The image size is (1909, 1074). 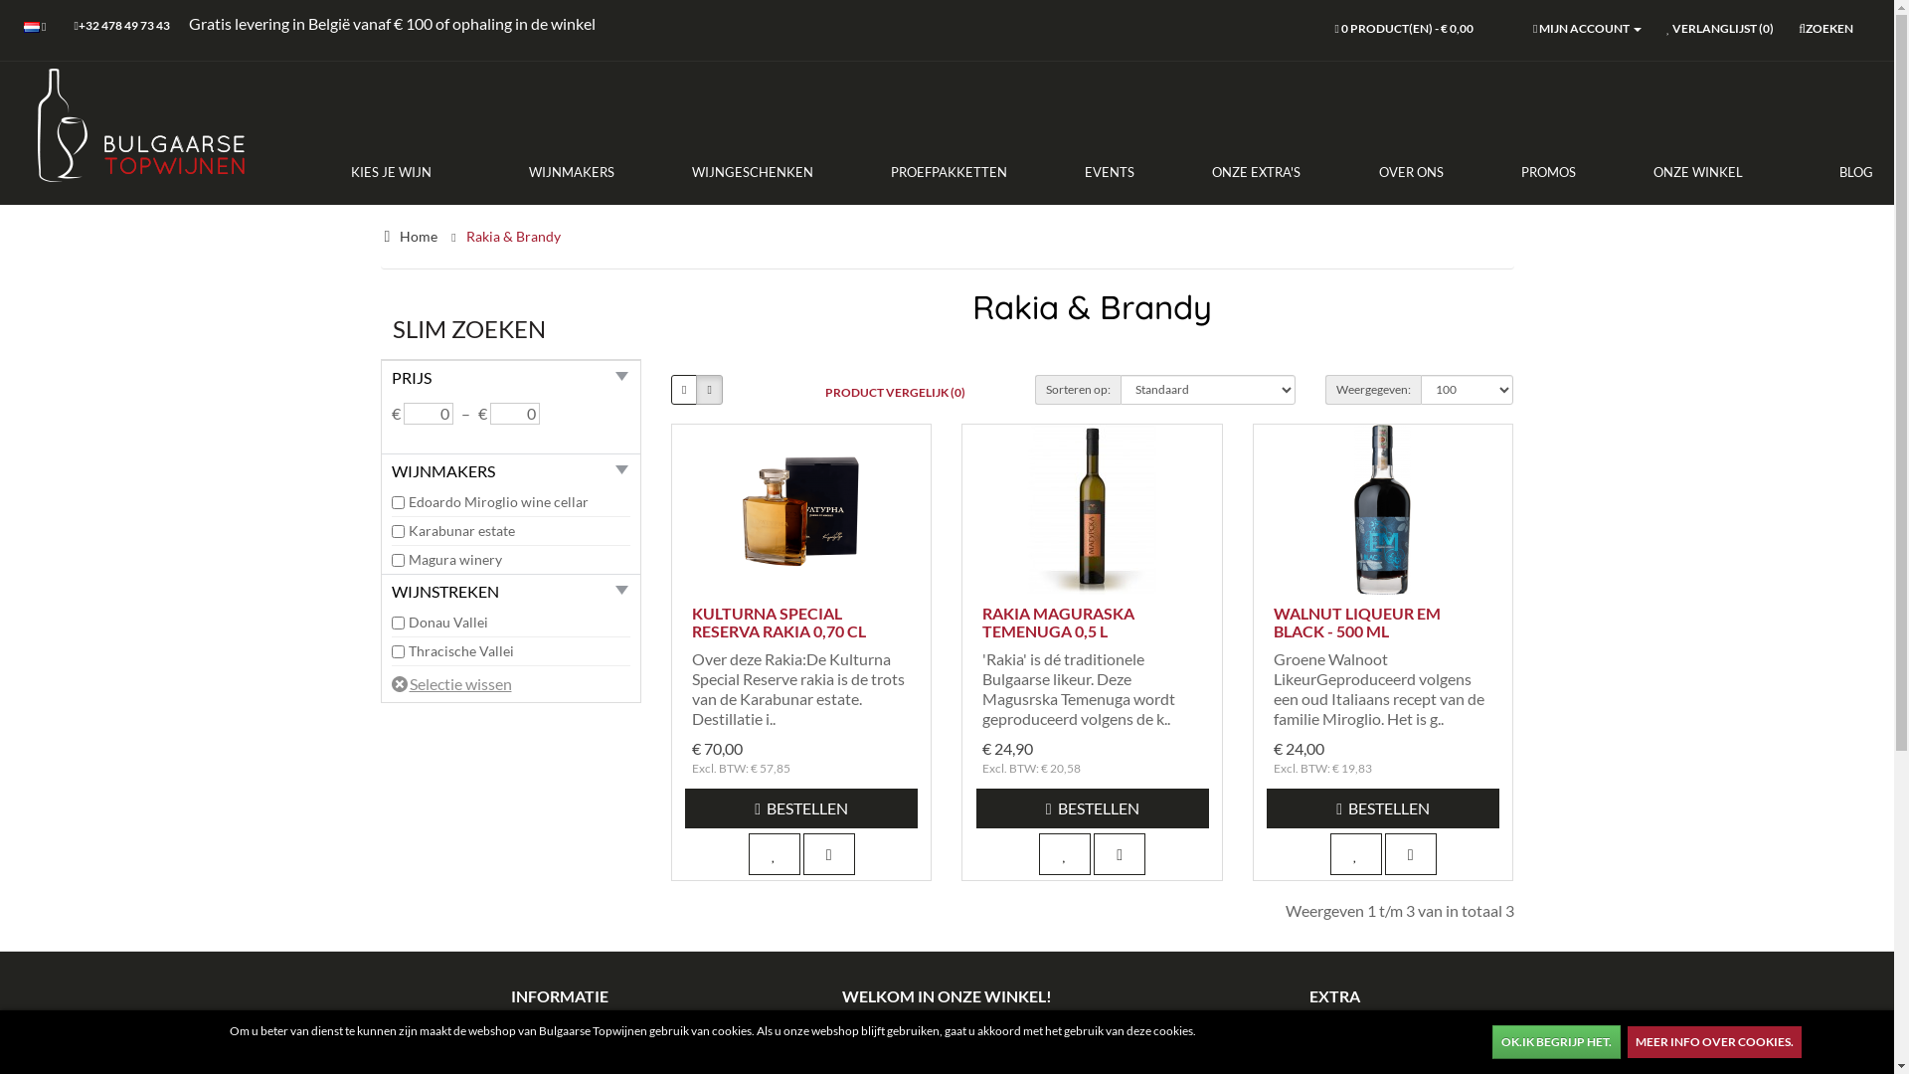 What do you see at coordinates (1586, 30) in the screenshot?
I see `'MIJN ACCOUNT'` at bounding box center [1586, 30].